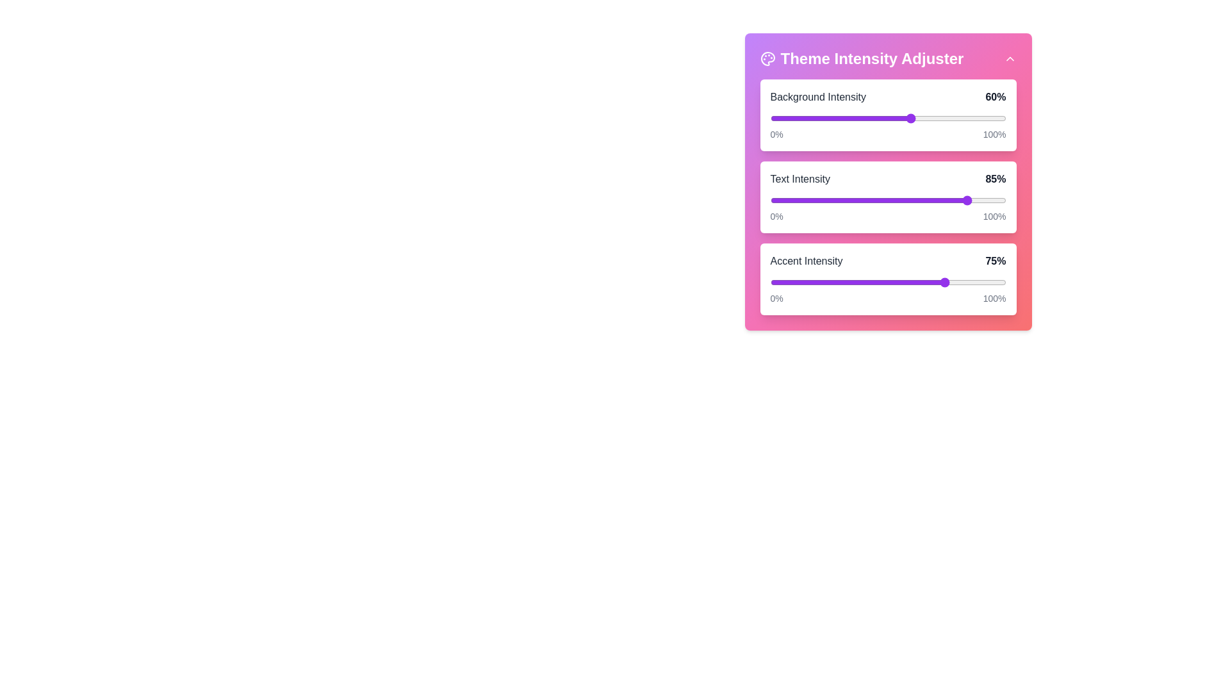 The width and height of the screenshot is (1230, 692). What do you see at coordinates (995, 179) in the screenshot?
I see `the Text Label displaying '85%' which is bold and dark gray, located adjacent to the 'Text Intensity' text and a horizontal slider` at bounding box center [995, 179].